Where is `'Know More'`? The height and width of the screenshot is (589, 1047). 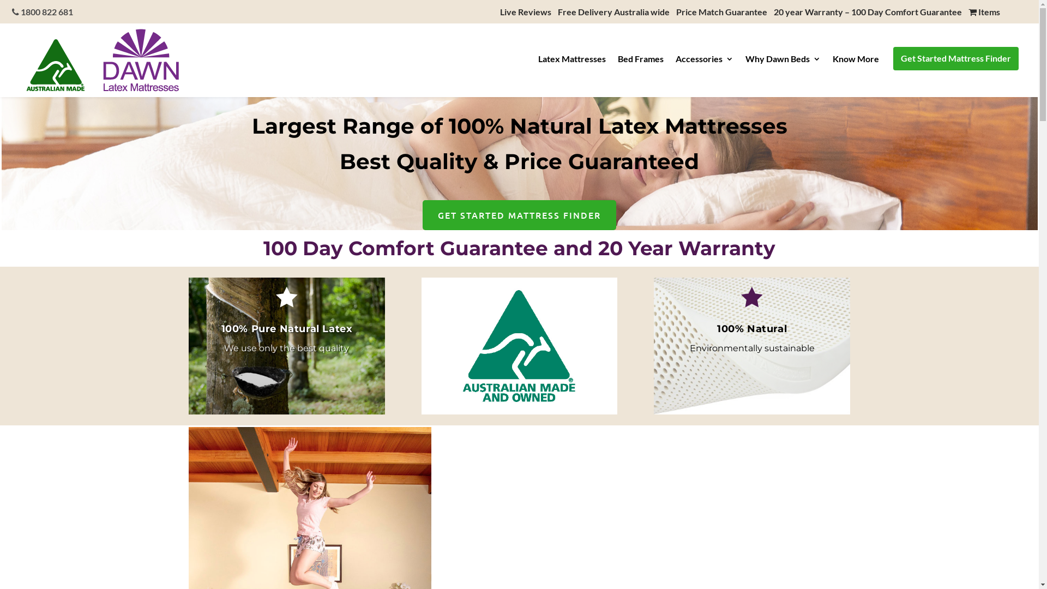 'Know More' is located at coordinates (855, 62).